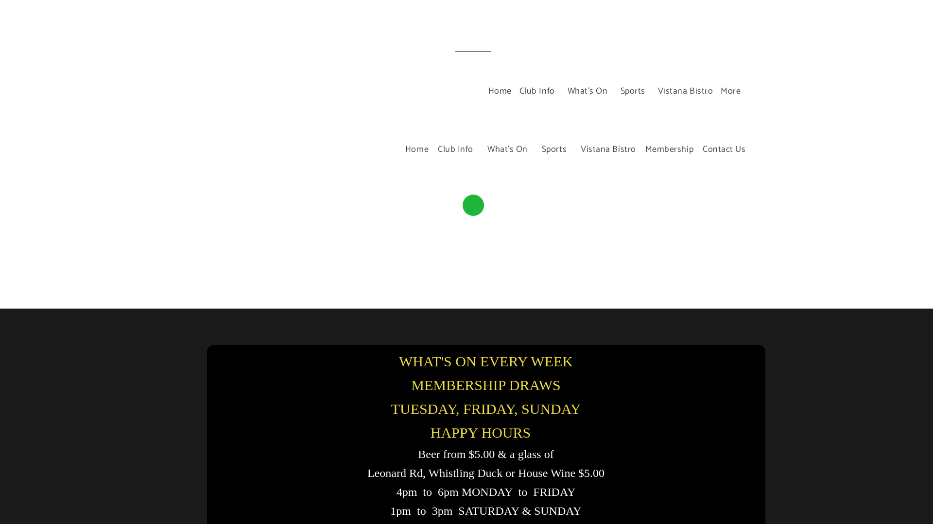 The image size is (933, 524). What do you see at coordinates (681, 91) in the screenshot?
I see `'Vistana Bistro'` at bounding box center [681, 91].